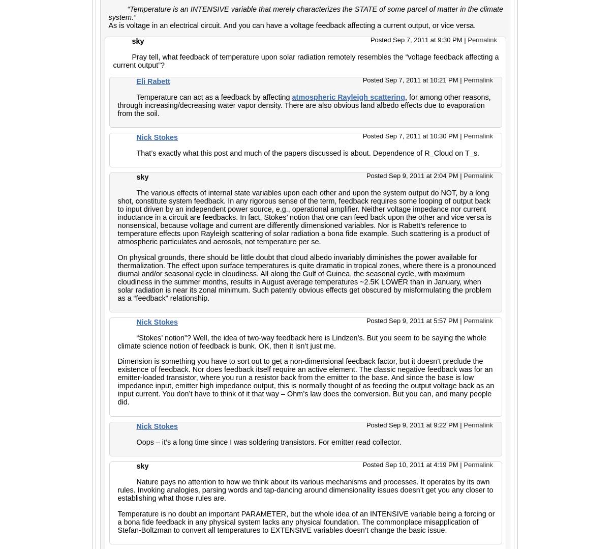 This screenshot has width=616, height=549. What do you see at coordinates (412, 320) in the screenshot?
I see `'Posted Sep 9, 2011 at 5:57 PM'` at bounding box center [412, 320].